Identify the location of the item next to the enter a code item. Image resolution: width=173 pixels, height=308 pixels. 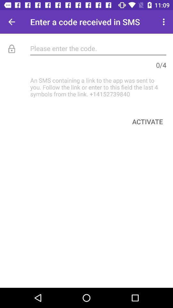
(12, 22).